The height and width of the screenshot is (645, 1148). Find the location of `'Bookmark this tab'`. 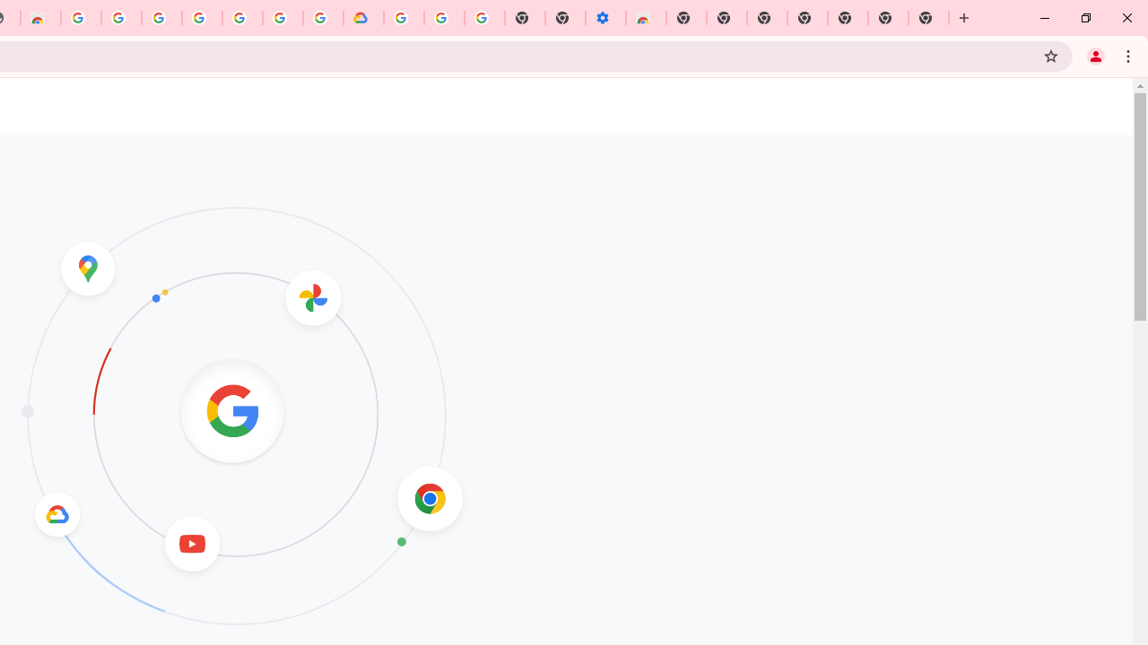

'Bookmark this tab' is located at coordinates (1050, 55).